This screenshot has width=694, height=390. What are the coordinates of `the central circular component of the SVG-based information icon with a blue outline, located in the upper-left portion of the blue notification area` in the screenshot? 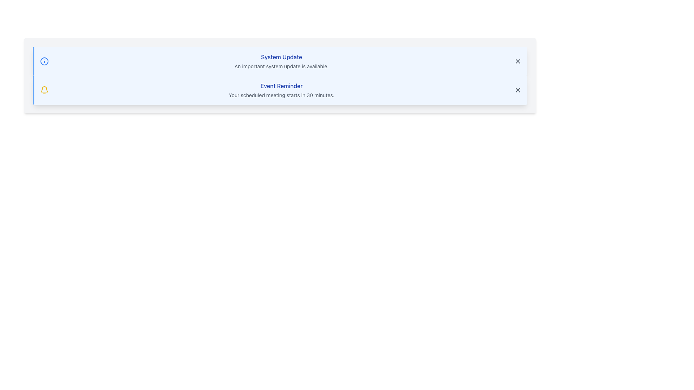 It's located at (44, 61).